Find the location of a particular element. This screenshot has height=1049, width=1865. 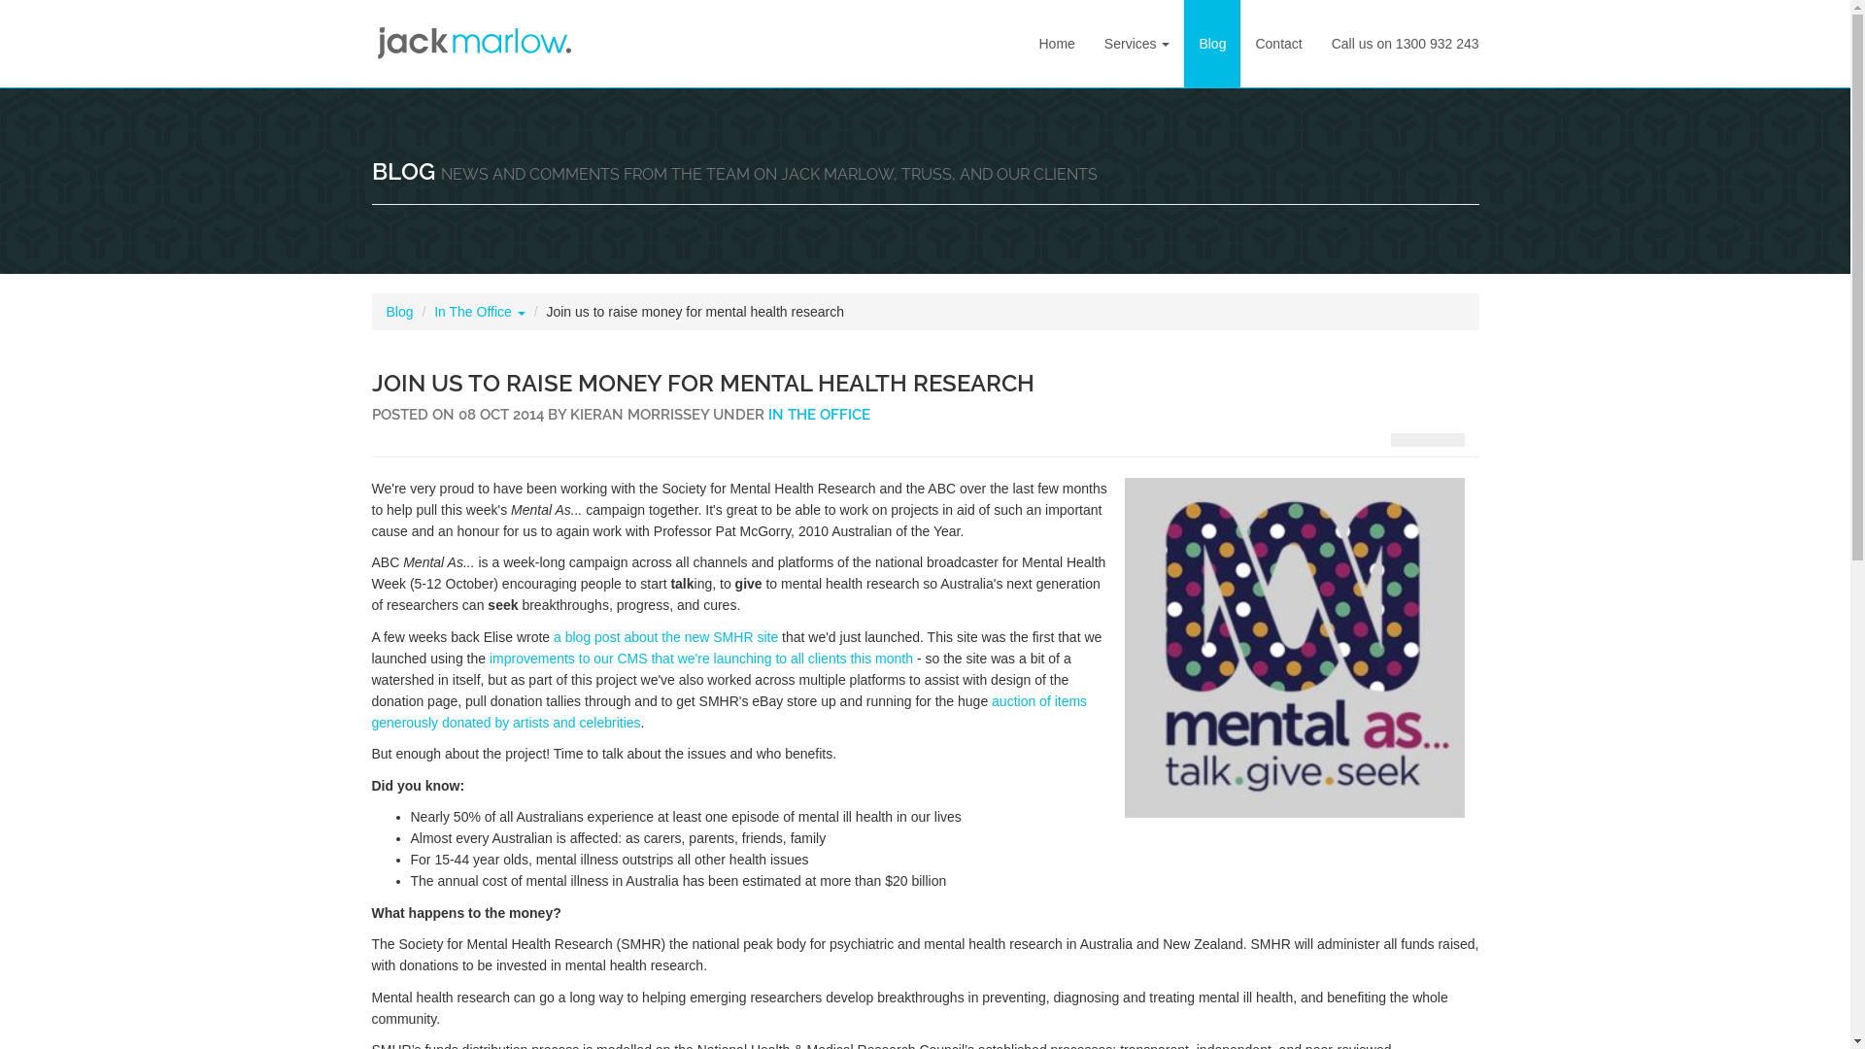

'Call us on 1300 932 243' is located at coordinates (1405, 44).